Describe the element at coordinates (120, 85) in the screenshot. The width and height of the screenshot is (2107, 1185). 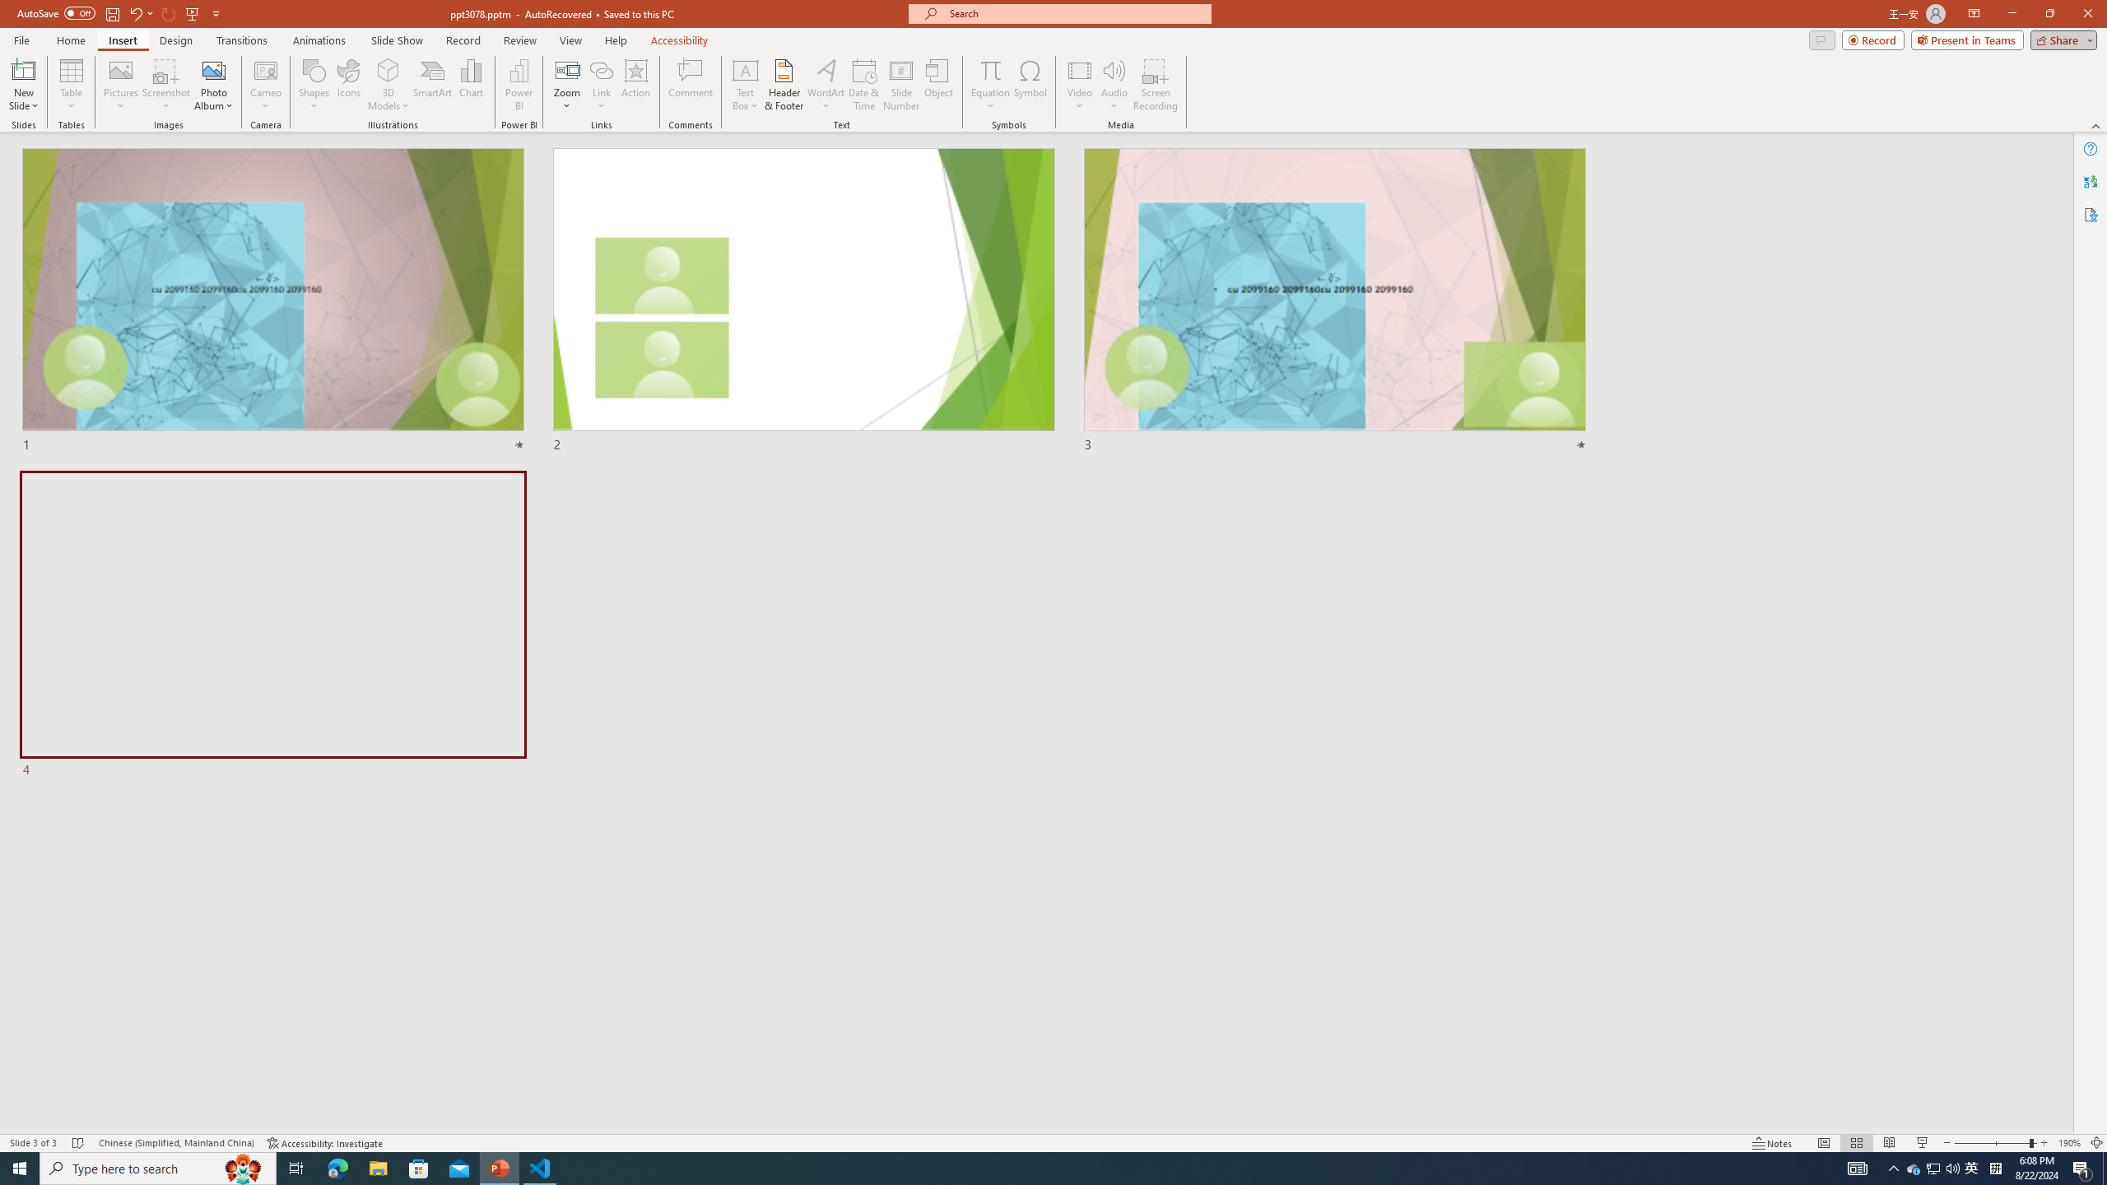
I see `'Pictures'` at that location.